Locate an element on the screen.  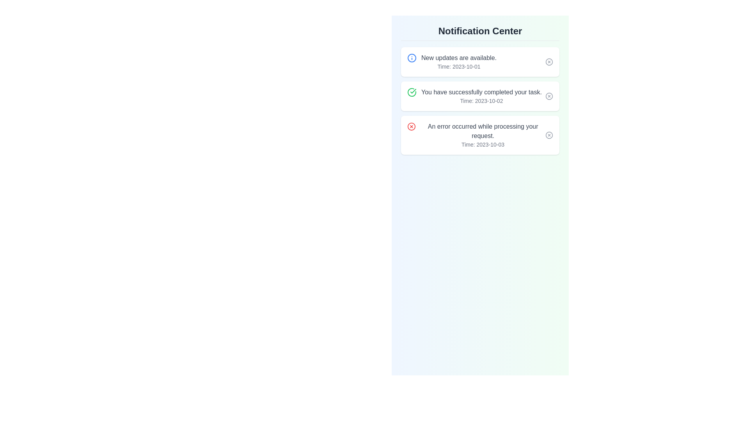
the circular outline of the SVG icon located within the first notification entry mentioning 'New updates are available.' is located at coordinates (548, 61).